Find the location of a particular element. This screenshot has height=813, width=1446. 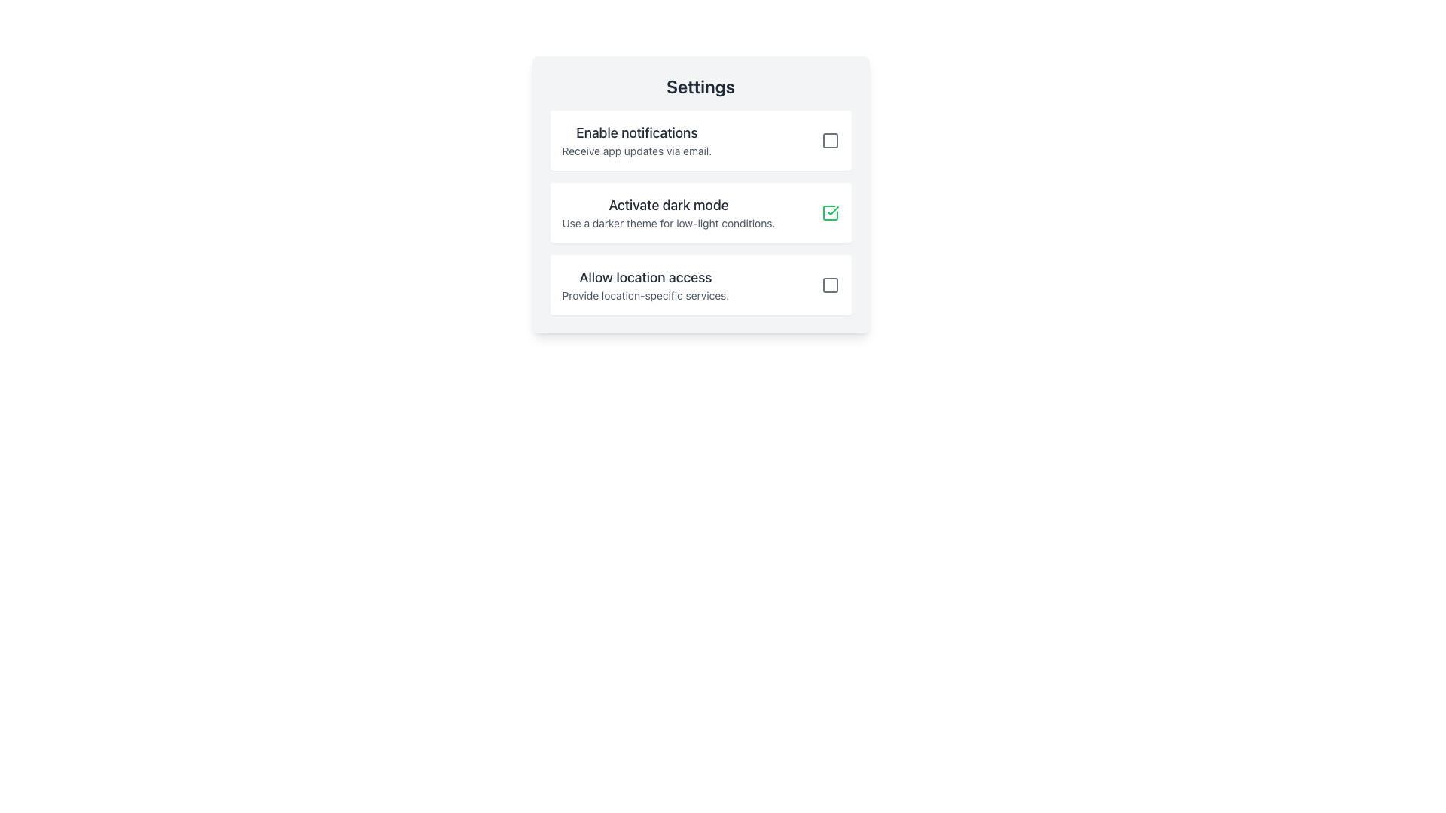

text label element that states 'Activate dark mode' with a description 'Use a darker theme for low-light conditions.' This element is located under the 'Settings' header, between 'Enable notifications' and 'Allow location access.' is located at coordinates (668, 212).